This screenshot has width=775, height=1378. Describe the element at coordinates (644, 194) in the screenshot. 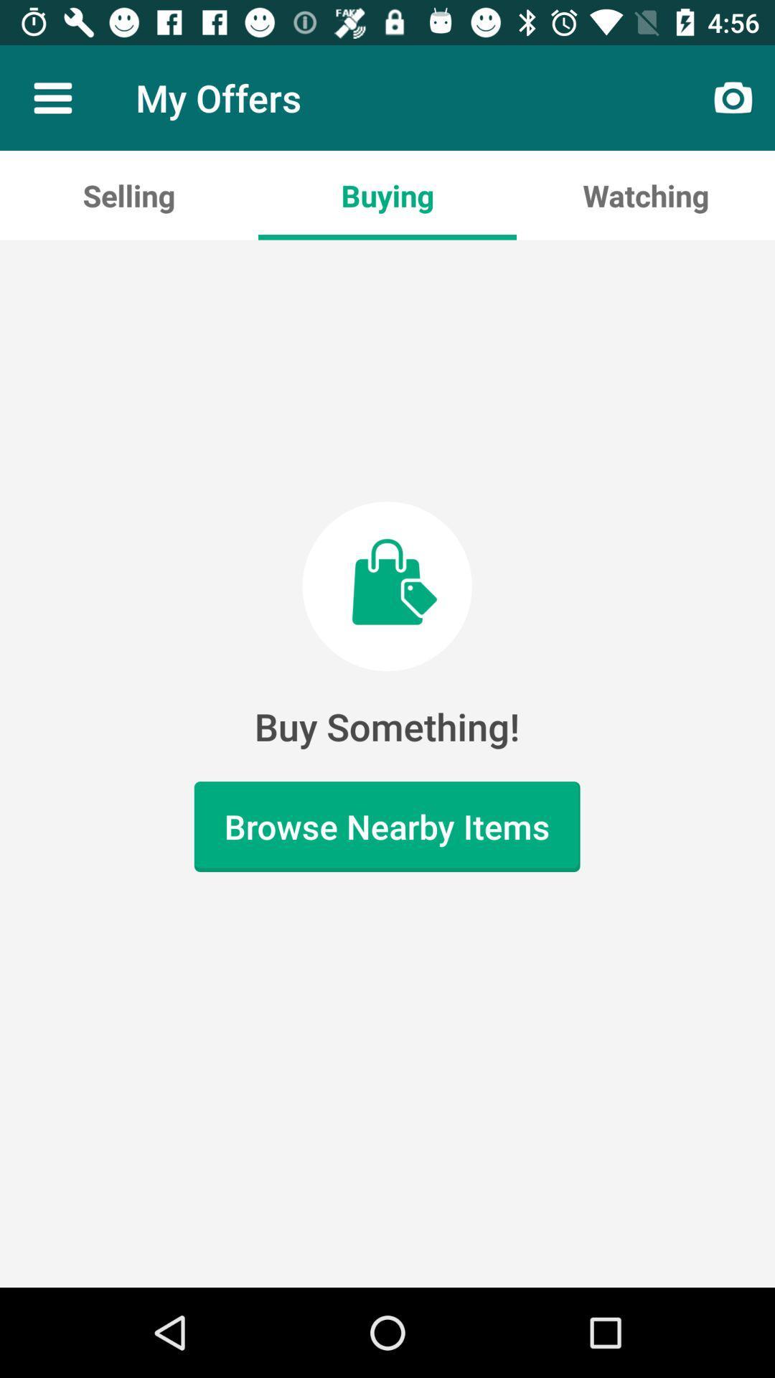

I see `icon to the right of buying app` at that location.